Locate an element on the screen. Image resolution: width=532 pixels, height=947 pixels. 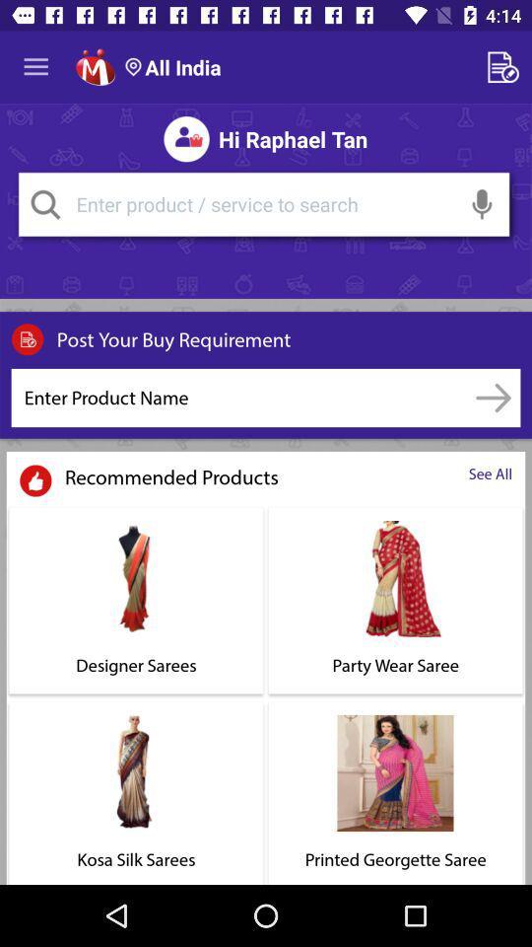
shows the search area option is located at coordinates (263, 204).